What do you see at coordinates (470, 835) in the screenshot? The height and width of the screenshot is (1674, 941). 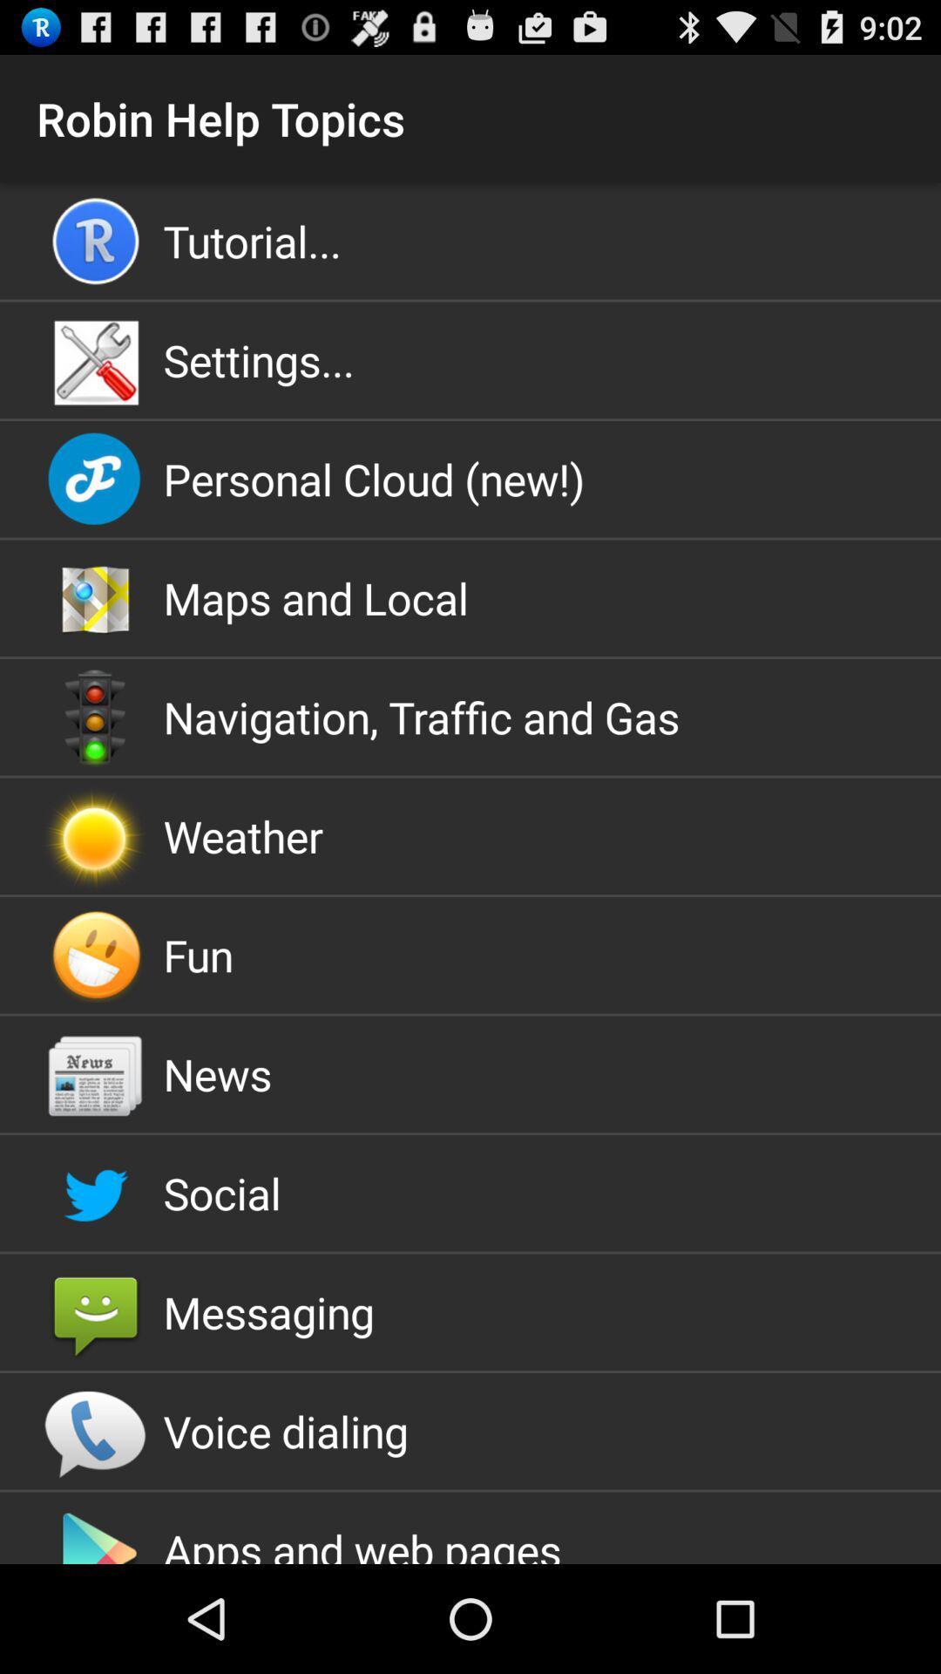 I see `app above the  fun app` at bounding box center [470, 835].